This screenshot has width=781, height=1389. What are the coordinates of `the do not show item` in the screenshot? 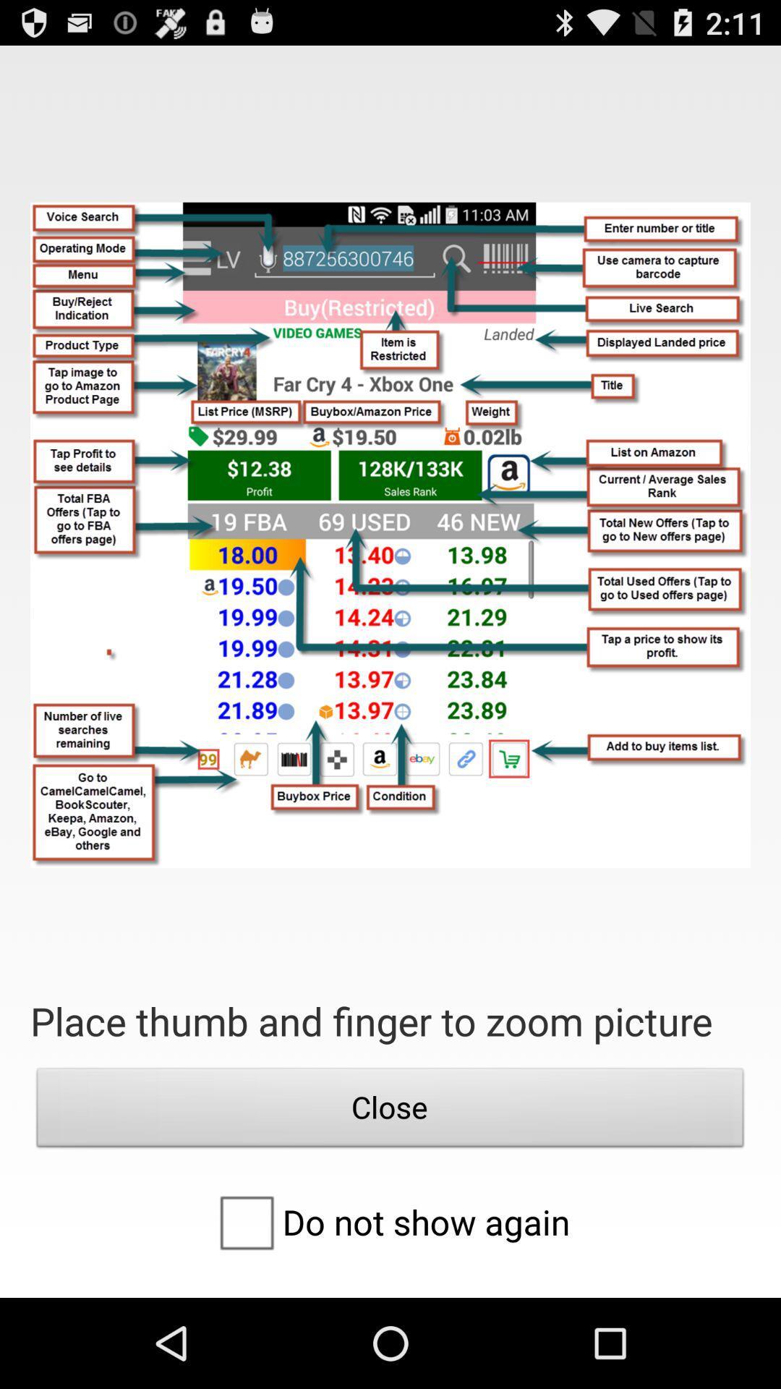 It's located at (389, 1221).